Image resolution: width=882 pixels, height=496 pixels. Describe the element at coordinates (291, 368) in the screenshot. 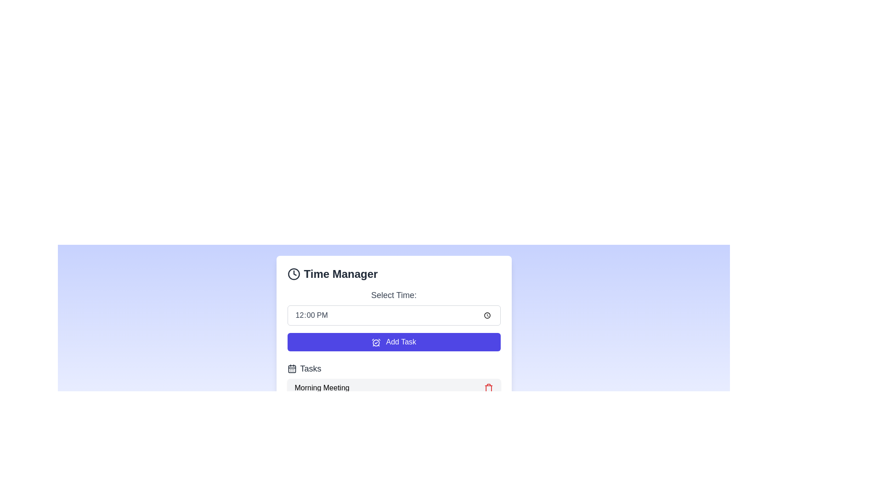

I see `the icon background component, which is a rectangle with rounded corners located` at that location.